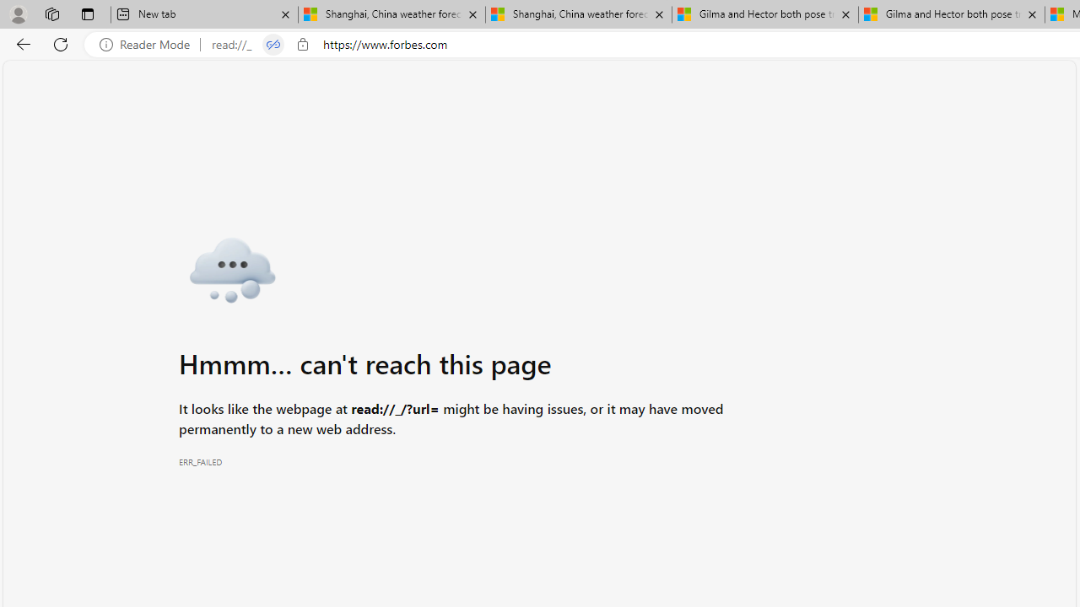  I want to click on 'Shanghai, China weather forecast | Microsoft Weather', so click(579, 14).